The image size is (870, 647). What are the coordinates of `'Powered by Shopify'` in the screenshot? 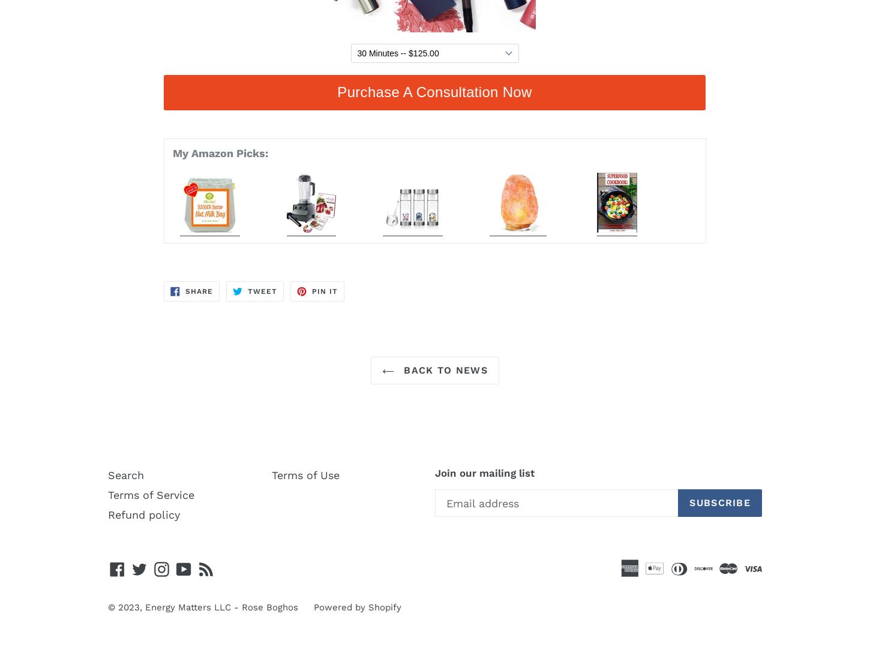 It's located at (314, 607).